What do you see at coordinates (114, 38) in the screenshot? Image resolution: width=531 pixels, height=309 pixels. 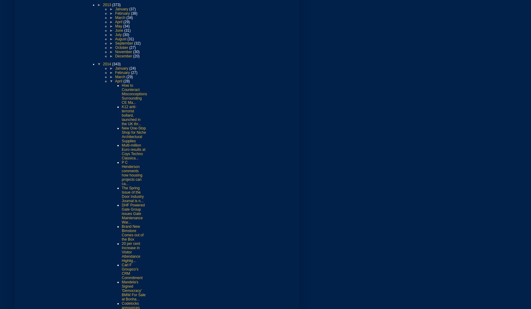 I see `'August'` at bounding box center [114, 38].